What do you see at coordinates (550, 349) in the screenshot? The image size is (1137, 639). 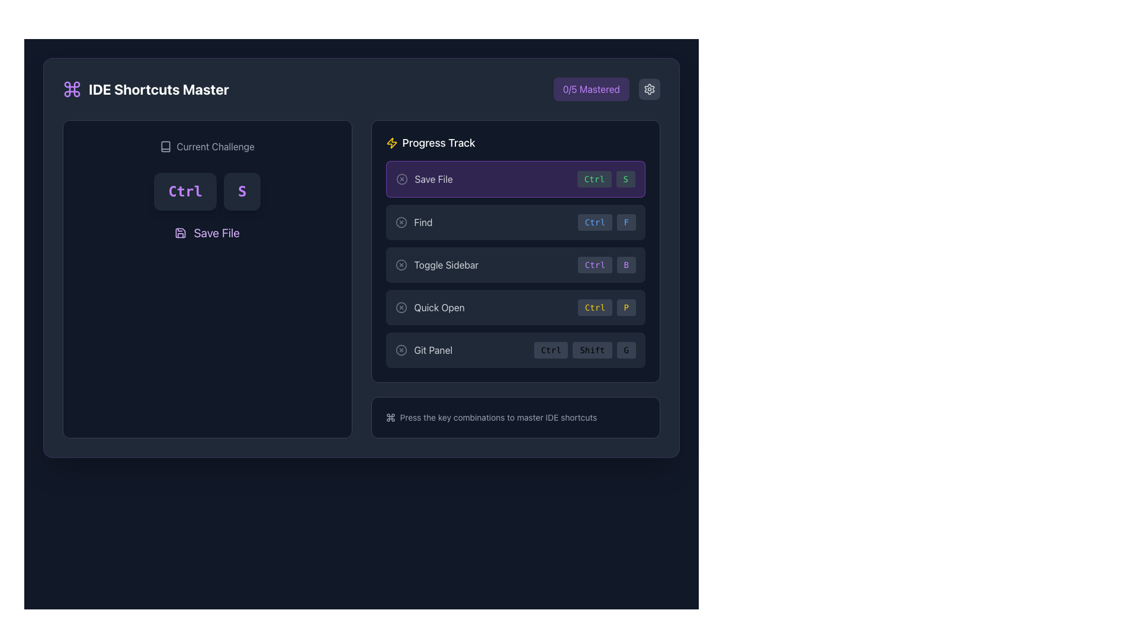 I see `the static label element displaying 'Ctrl' in orange on a dark gray background, located in the bottom row of the 'Progress Track' section within the 'Git Panel'` at bounding box center [550, 349].